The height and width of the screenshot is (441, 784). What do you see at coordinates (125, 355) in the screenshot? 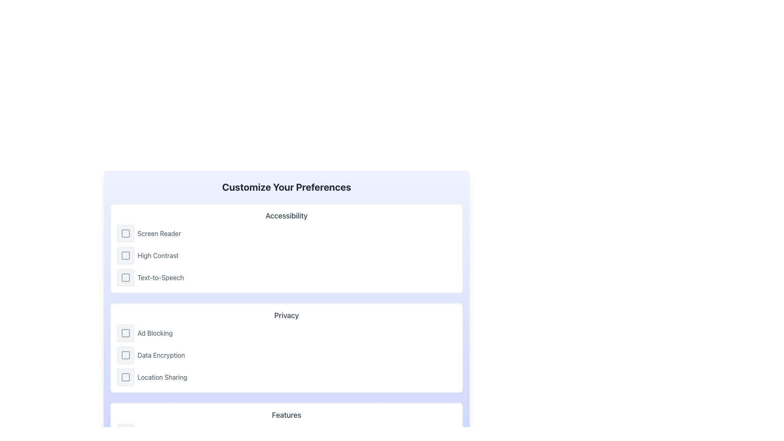
I see `the checkbox located to the left of the 'Data Encryption' label in the Privacy preferences section` at bounding box center [125, 355].